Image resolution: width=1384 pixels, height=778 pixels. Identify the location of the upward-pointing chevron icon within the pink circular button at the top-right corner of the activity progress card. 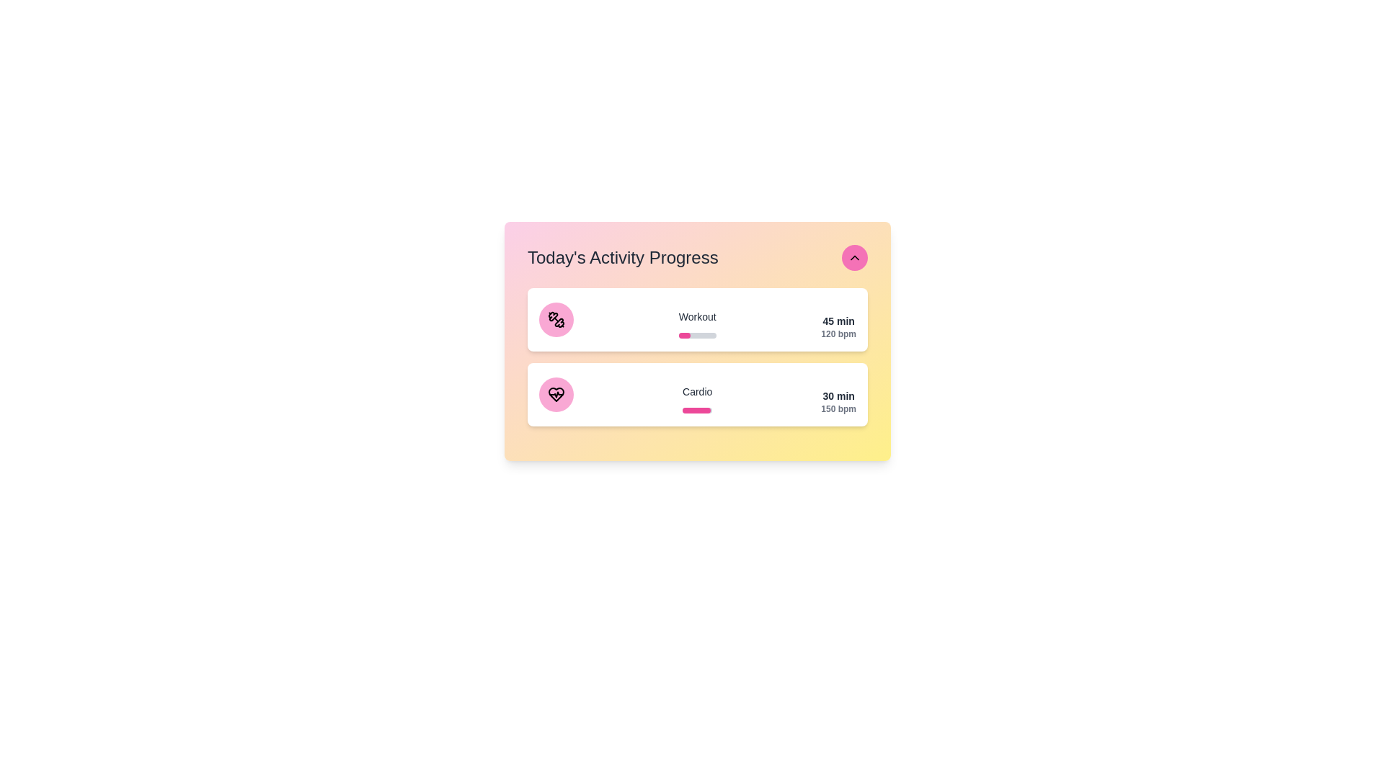
(854, 257).